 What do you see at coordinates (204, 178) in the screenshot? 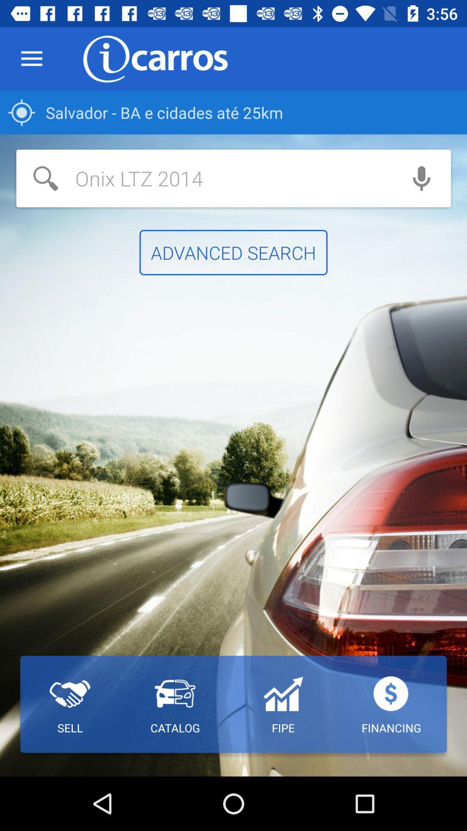
I see `icon below salvador ba e item` at bounding box center [204, 178].